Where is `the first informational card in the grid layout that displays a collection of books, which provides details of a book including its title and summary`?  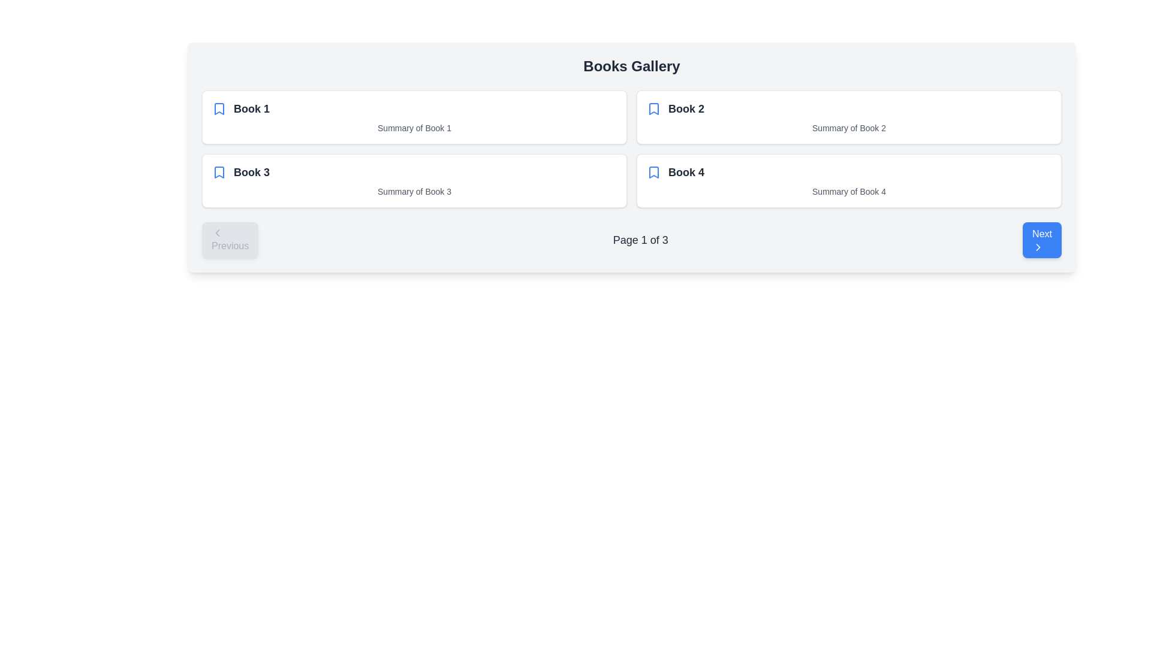 the first informational card in the grid layout that displays a collection of books, which provides details of a book including its title and summary is located at coordinates (414, 117).